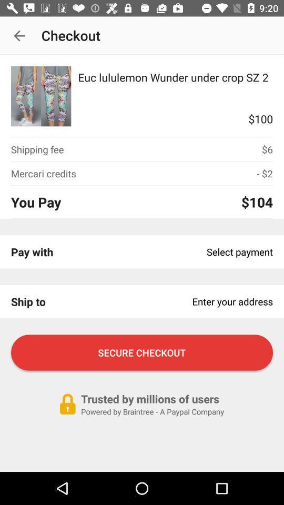  I want to click on the app to the left of the checkout item, so click(19, 36).